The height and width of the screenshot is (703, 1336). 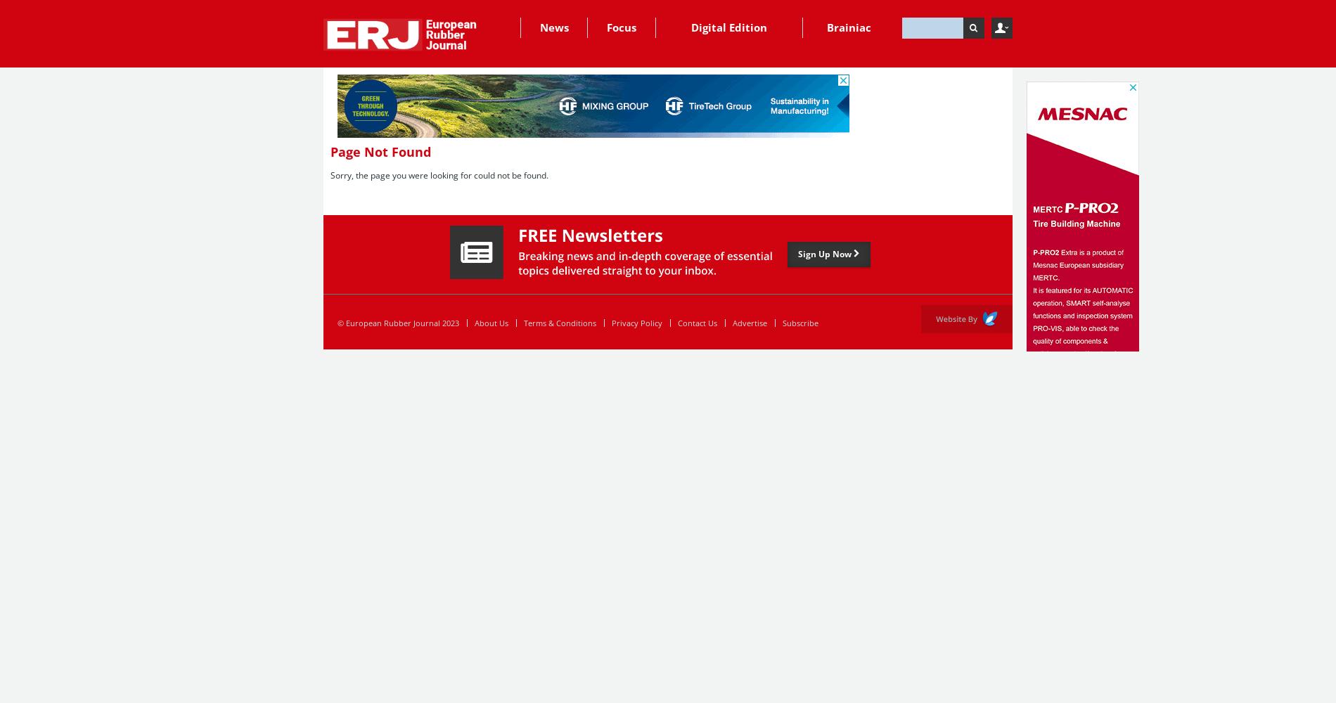 What do you see at coordinates (848, 27) in the screenshot?
I see `'Brainiac'` at bounding box center [848, 27].